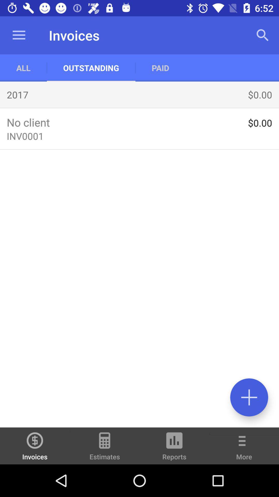 The height and width of the screenshot is (497, 279). Describe the element at coordinates (263, 35) in the screenshot. I see `app next to paid` at that location.